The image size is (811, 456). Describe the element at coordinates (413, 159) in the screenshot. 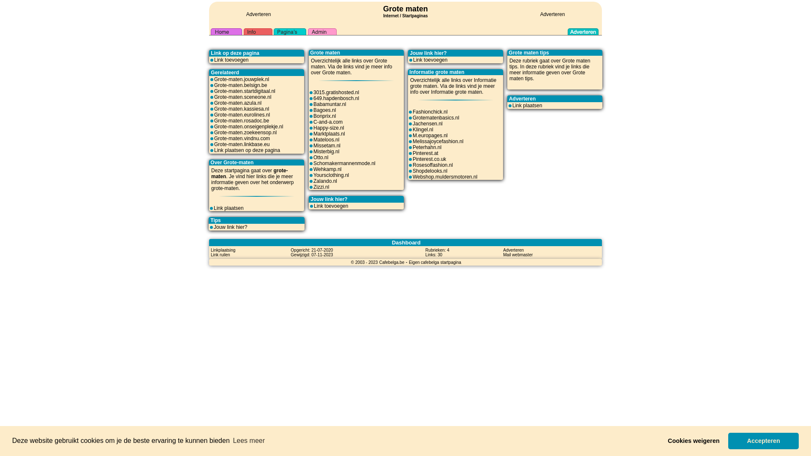

I see `'Pinterest.co.uk'` at that location.